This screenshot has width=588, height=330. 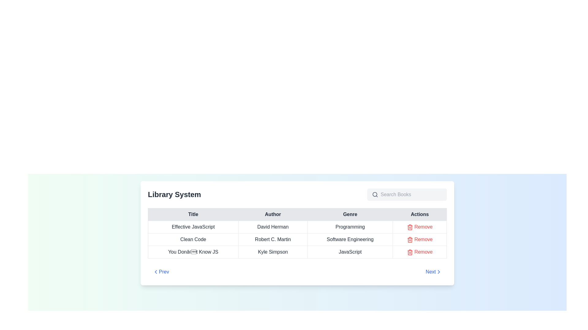 What do you see at coordinates (419, 214) in the screenshot?
I see `the 'Actions' text label, which is the fourth and final column header in the table's header row, displayed in bold dark font on a light gray background` at bounding box center [419, 214].